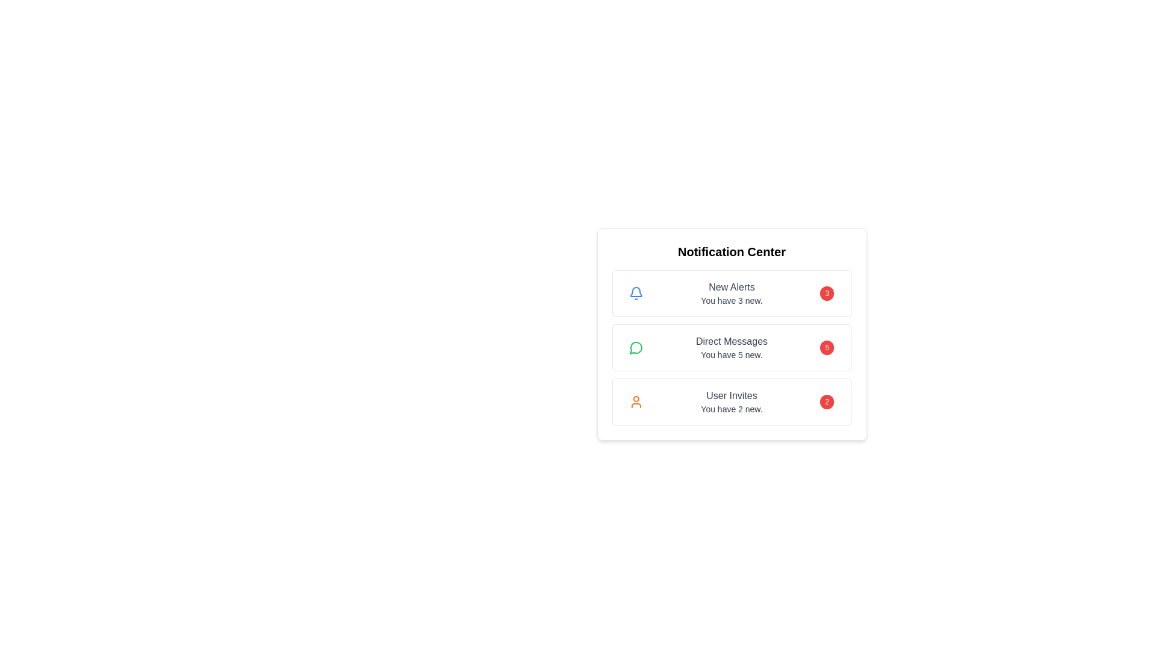 This screenshot has width=1157, height=651. What do you see at coordinates (731, 354) in the screenshot?
I see `the text element that indicates the number of new direct messages, positioned below the 'Direct Messages' title in the notification center` at bounding box center [731, 354].